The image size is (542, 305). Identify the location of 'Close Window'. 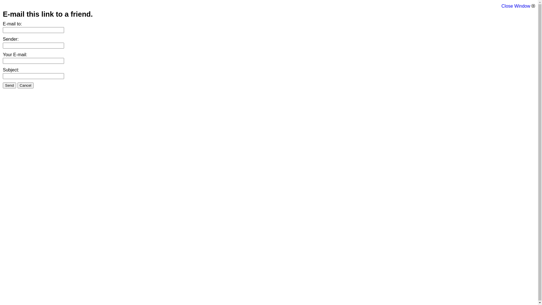
(518, 6).